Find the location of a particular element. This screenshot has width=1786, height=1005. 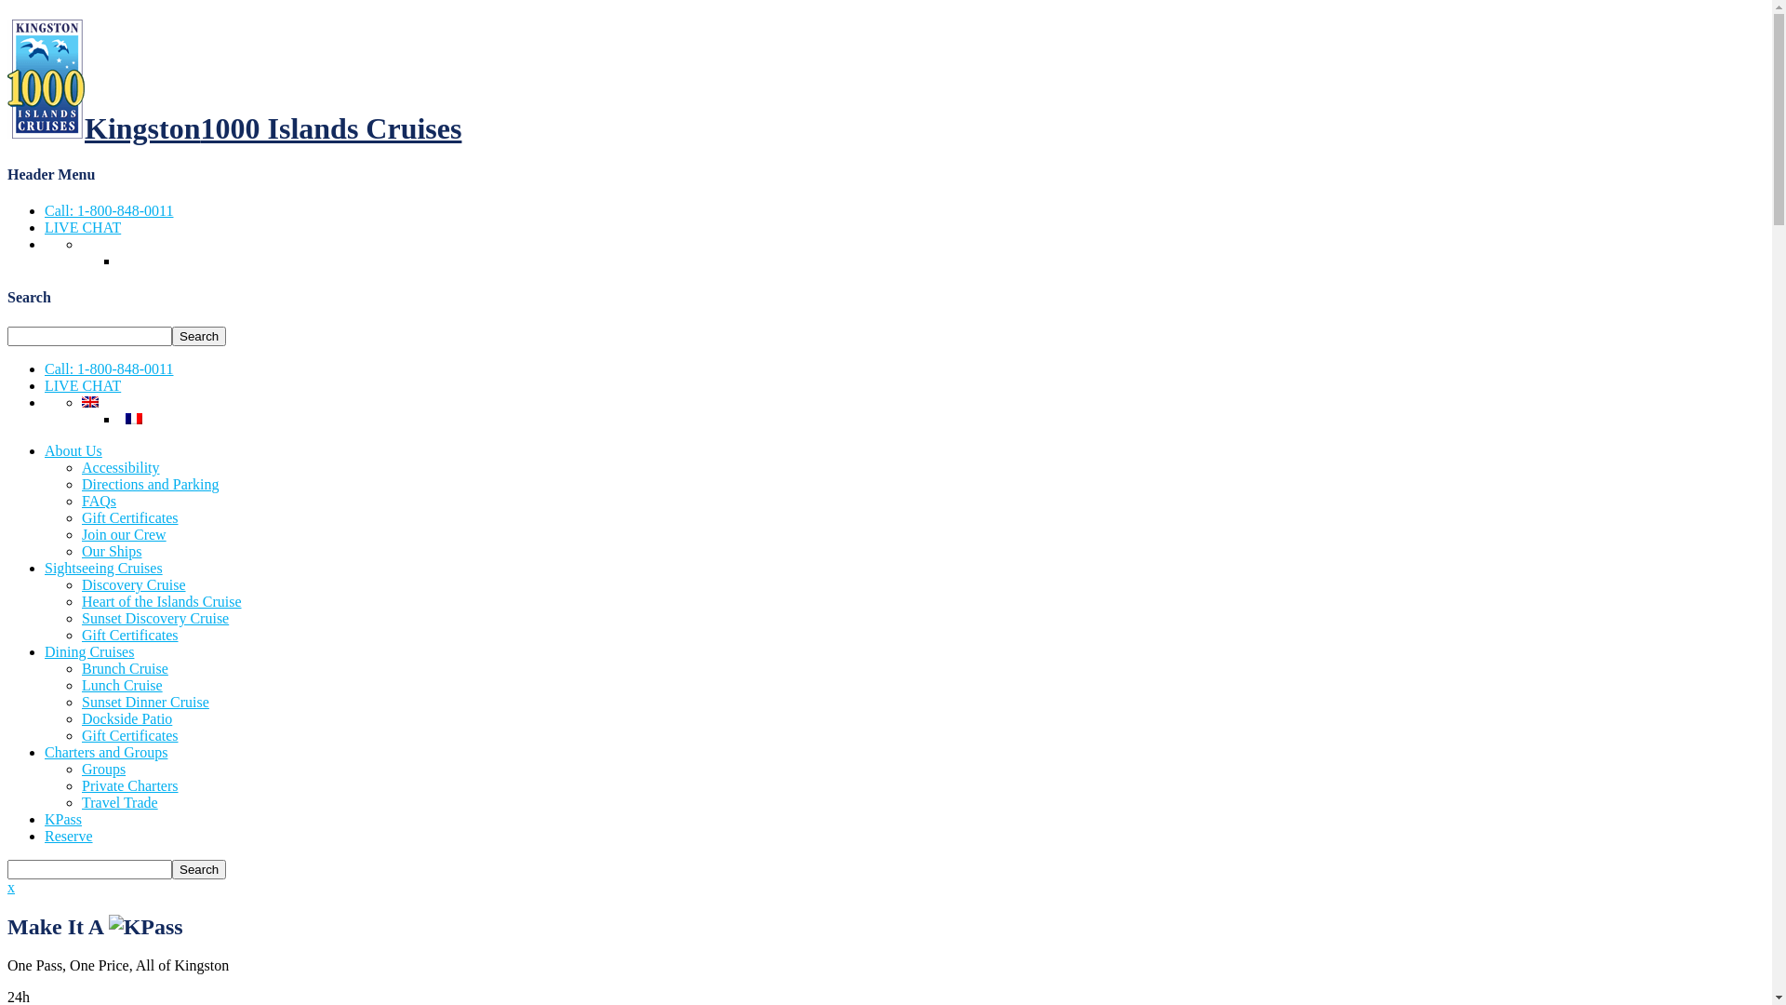

'LIVE CHAT' is located at coordinates (82, 226).